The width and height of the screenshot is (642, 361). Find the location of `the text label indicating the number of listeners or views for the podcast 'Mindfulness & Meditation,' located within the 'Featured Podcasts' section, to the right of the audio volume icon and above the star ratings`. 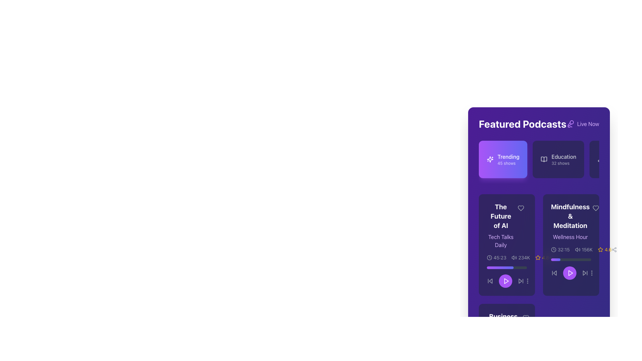

the text label indicating the number of listeners or views for the podcast 'Mindfulness & Meditation,' located within the 'Featured Podcasts' section, to the right of the audio volume icon and above the star ratings is located at coordinates (587, 250).